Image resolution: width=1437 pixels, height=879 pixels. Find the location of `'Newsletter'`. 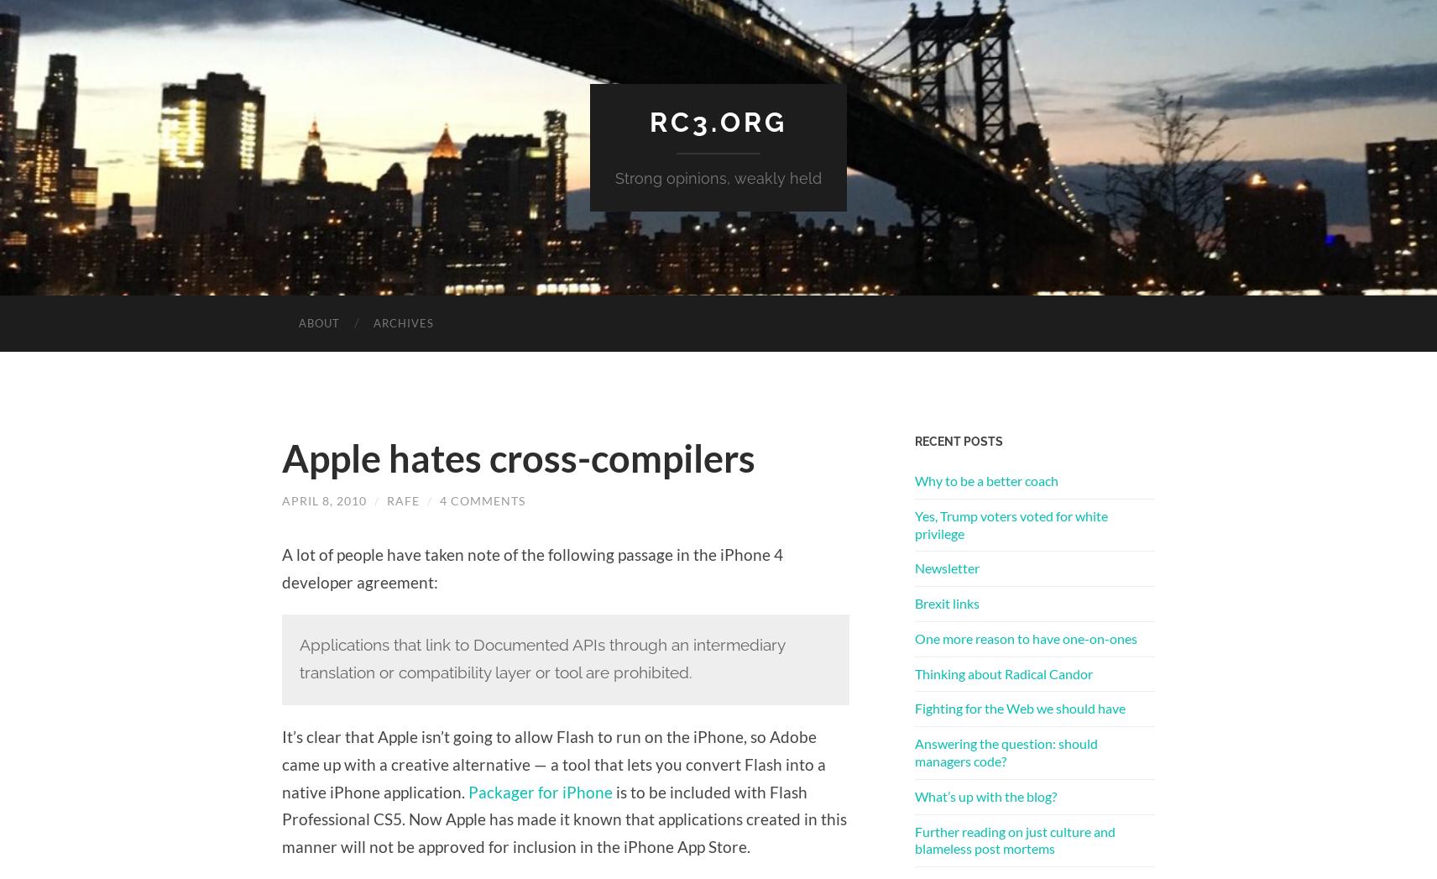

'Newsletter' is located at coordinates (947, 567).